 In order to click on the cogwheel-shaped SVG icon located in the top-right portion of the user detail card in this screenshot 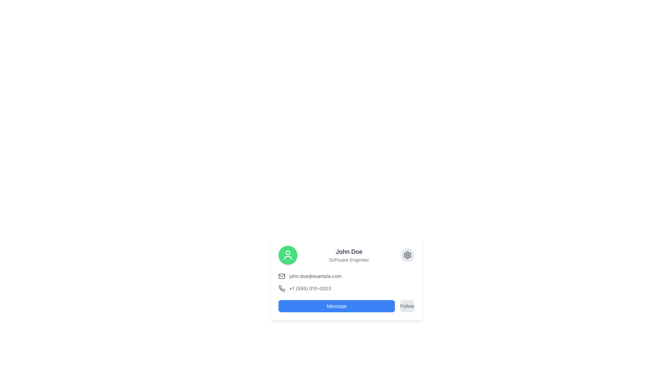, I will do `click(407, 255)`.